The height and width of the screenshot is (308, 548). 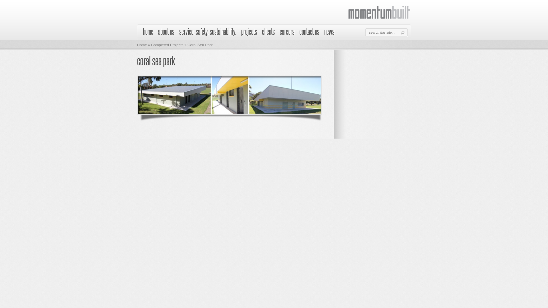 I want to click on 'service. safety. sustainability.', so click(x=207, y=34).